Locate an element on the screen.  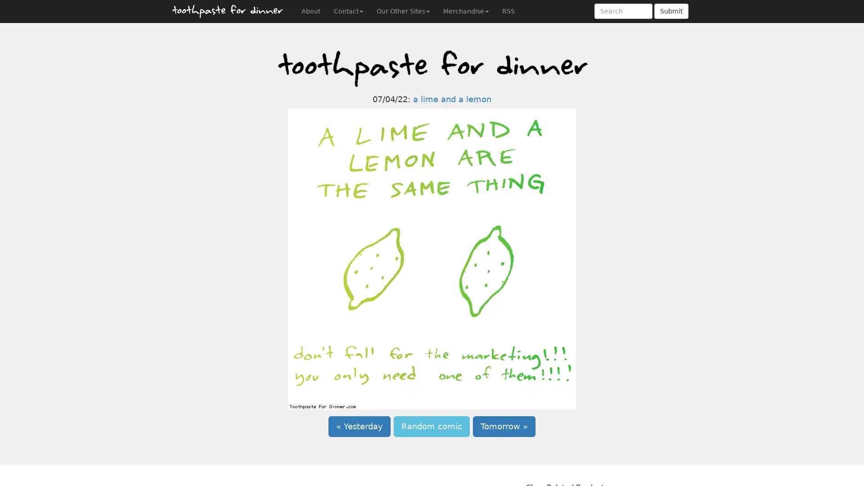
Submit is located at coordinates (671, 11).